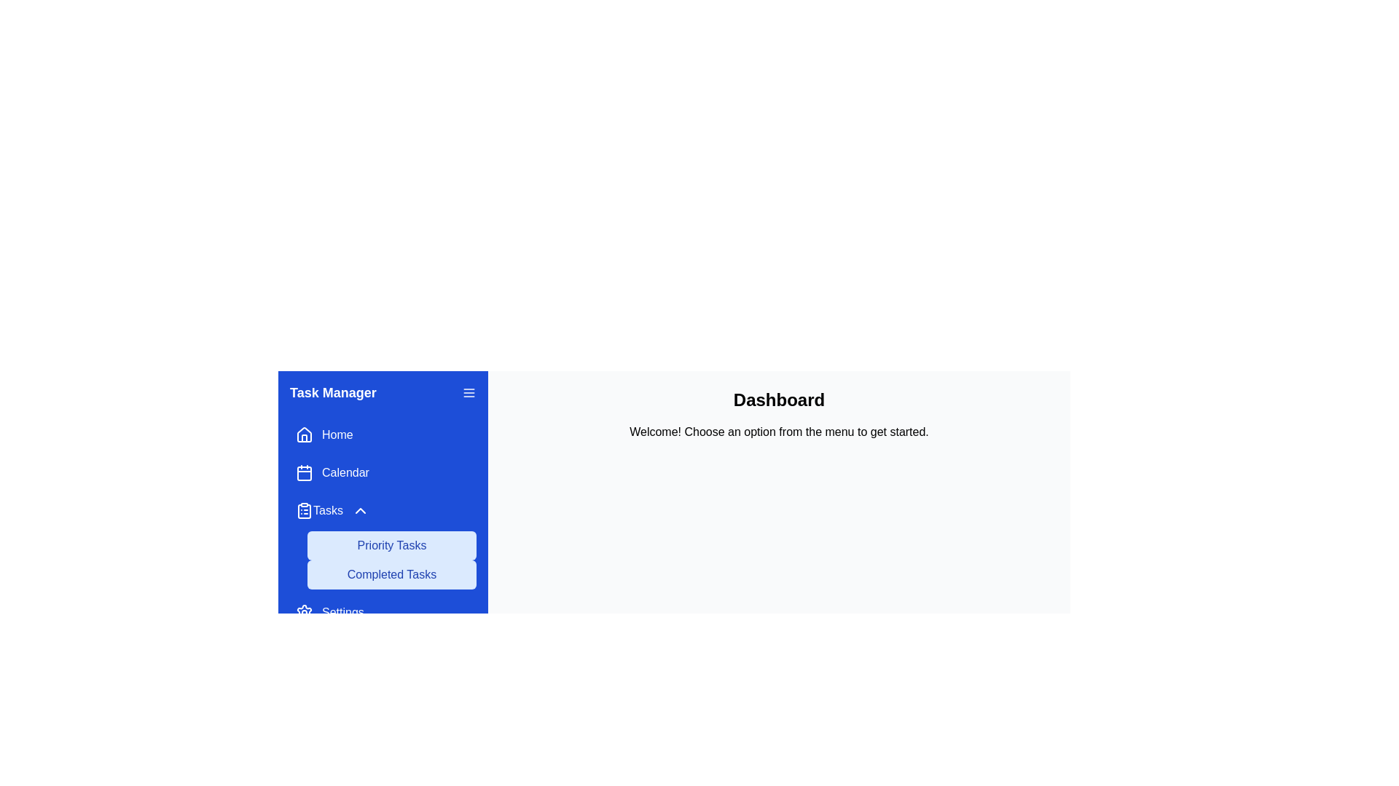 The height and width of the screenshot is (786, 1399). What do you see at coordinates (383, 542) in the screenshot?
I see `the 'Priority Tasks' option in the sidebar list under the 'Tasks' section` at bounding box center [383, 542].